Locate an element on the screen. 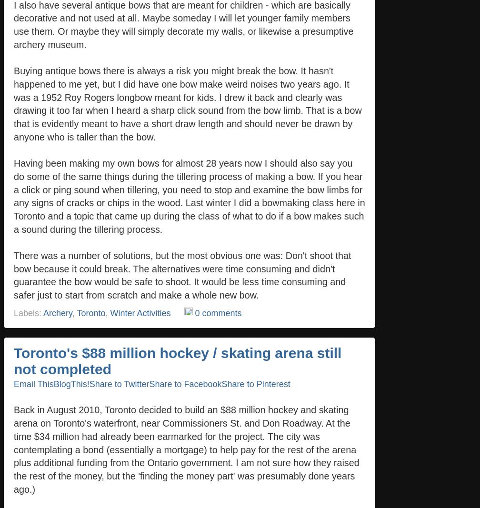  '0
comments' is located at coordinates (195, 312).